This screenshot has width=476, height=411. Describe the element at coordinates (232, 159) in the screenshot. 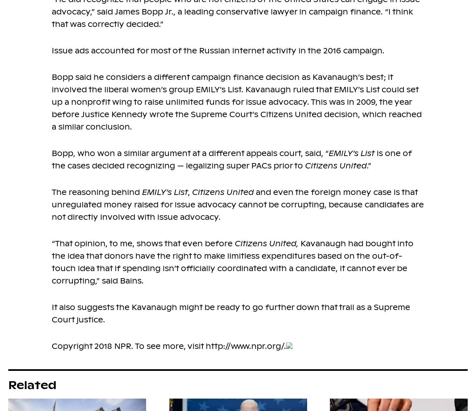

I see `'is one of the cases decided recognizing — legalizing super PACs prior to'` at that location.